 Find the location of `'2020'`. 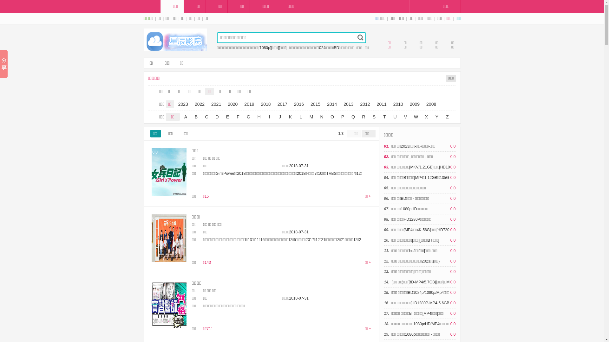

'2020' is located at coordinates (232, 104).